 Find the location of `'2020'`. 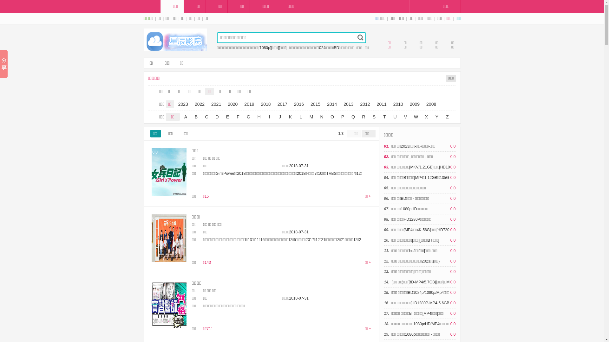

'2020' is located at coordinates (232, 104).